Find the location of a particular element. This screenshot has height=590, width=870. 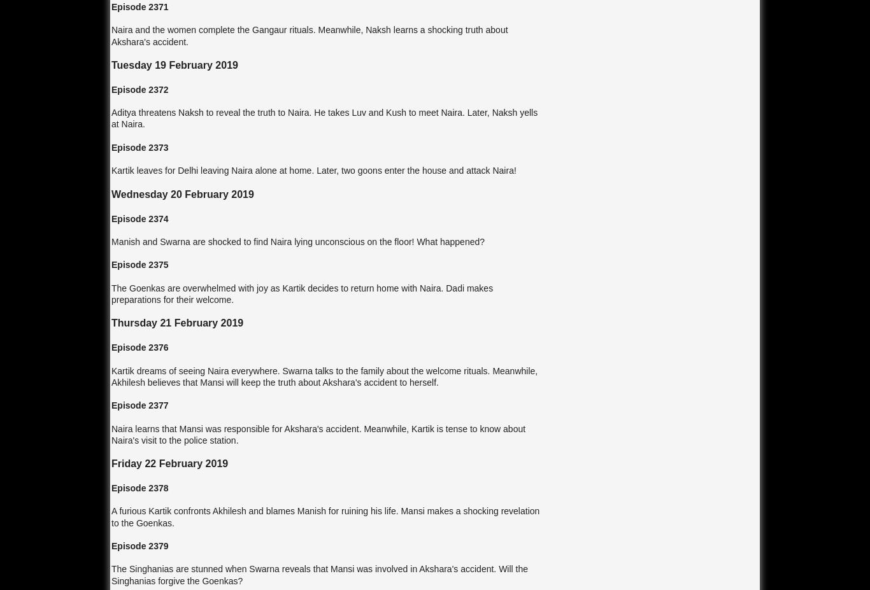

'The Goenkas are overwhelmed with joy as Kartik decides to return home with Naira. Dadi makes preparations for their welcome.' is located at coordinates (302, 292).